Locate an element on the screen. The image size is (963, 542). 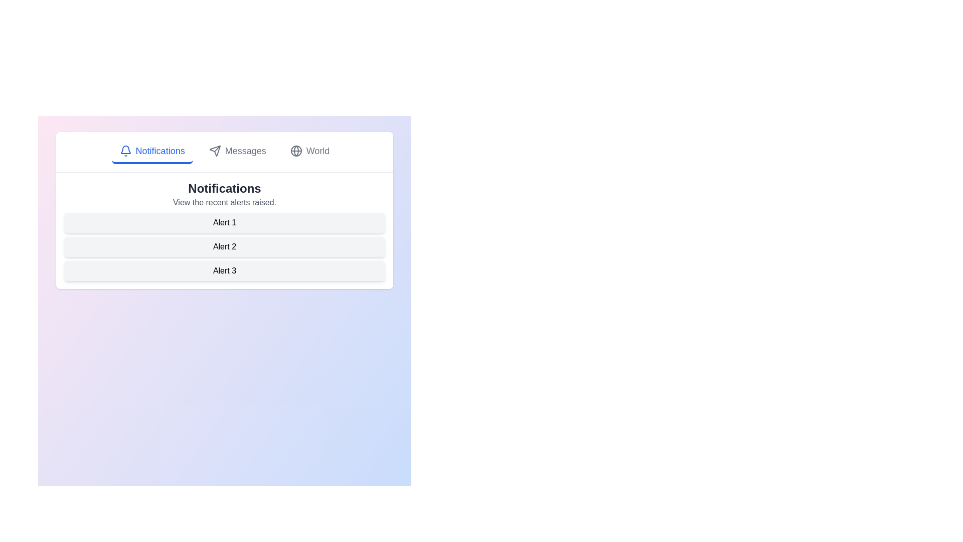
the icon associated with the tab Notifications is located at coordinates (125, 151).